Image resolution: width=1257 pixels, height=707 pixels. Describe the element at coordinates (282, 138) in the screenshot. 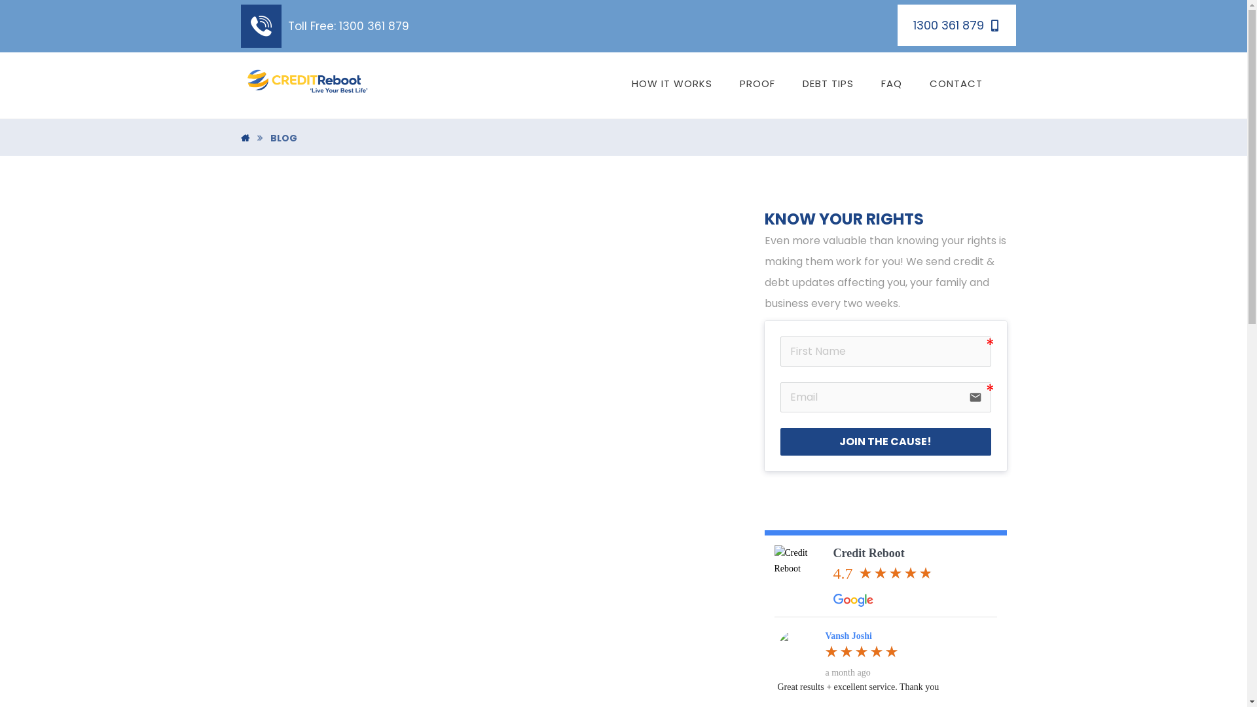

I see `'BLOG'` at that location.